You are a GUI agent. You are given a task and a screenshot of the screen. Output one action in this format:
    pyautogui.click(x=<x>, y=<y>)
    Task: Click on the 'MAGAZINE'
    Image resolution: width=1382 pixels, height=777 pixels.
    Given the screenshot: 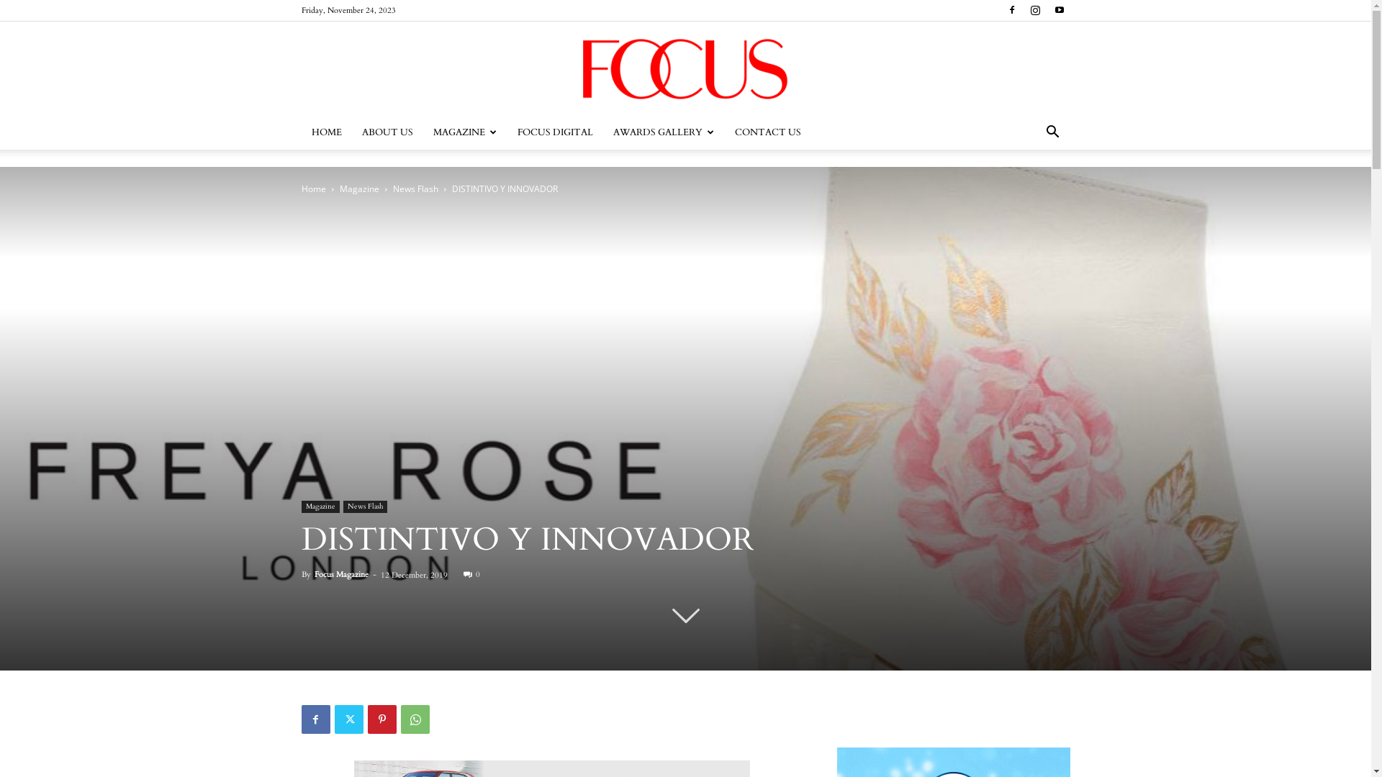 What is the action you would take?
    pyautogui.click(x=423, y=132)
    